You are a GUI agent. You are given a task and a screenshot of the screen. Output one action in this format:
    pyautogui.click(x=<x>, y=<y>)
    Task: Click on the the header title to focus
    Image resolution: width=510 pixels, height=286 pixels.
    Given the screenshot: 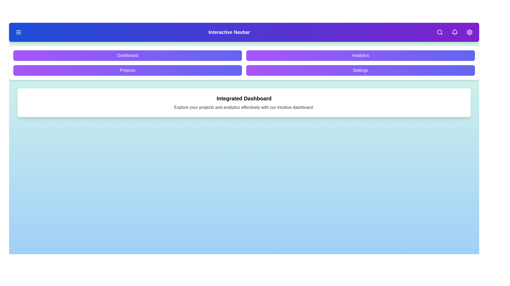 What is the action you would take?
    pyautogui.click(x=229, y=32)
    